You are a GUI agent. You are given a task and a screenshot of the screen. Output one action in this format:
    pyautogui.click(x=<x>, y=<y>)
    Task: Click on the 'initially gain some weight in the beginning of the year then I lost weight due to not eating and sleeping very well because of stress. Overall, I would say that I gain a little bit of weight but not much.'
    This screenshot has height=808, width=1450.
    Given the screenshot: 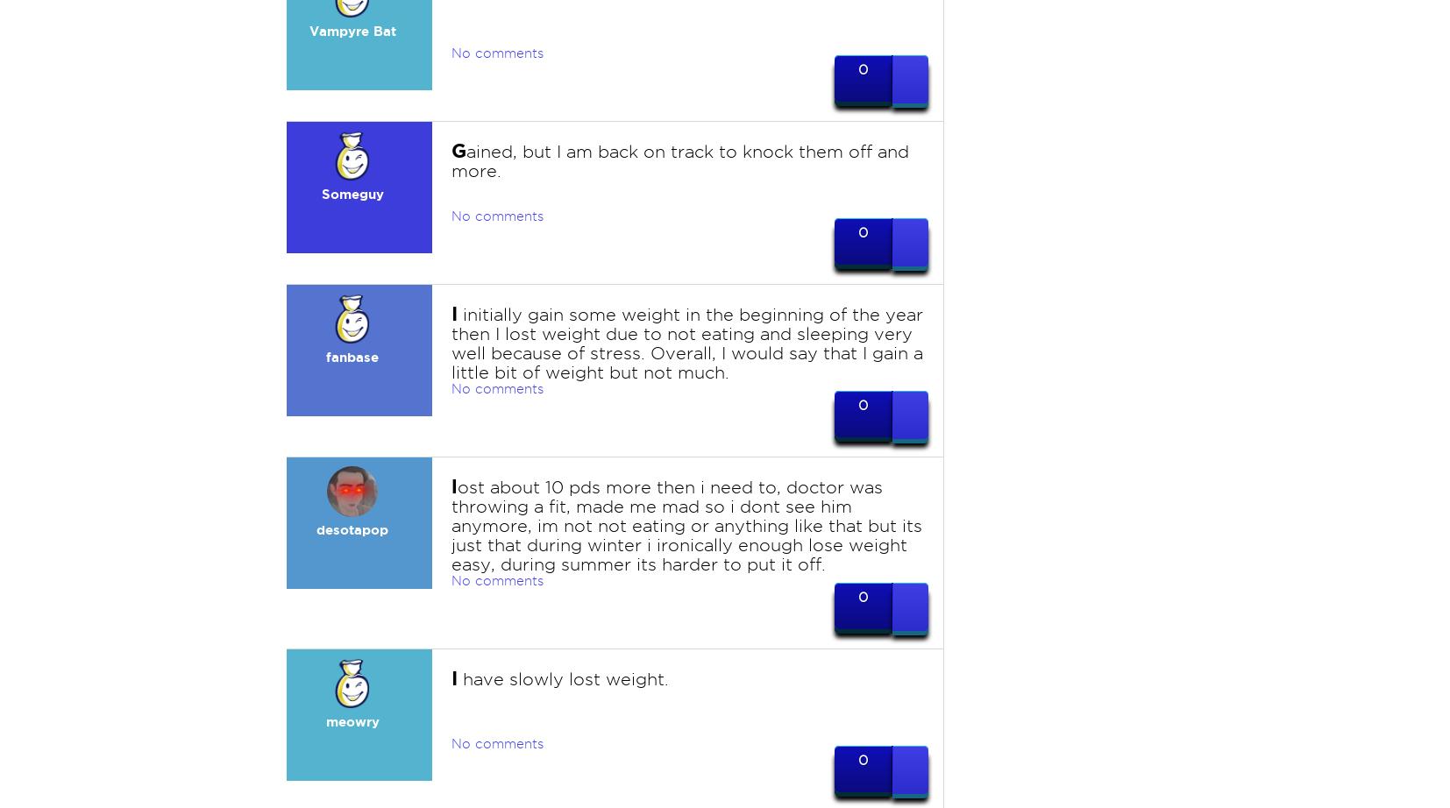 What is the action you would take?
    pyautogui.click(x=686, y=343)
    